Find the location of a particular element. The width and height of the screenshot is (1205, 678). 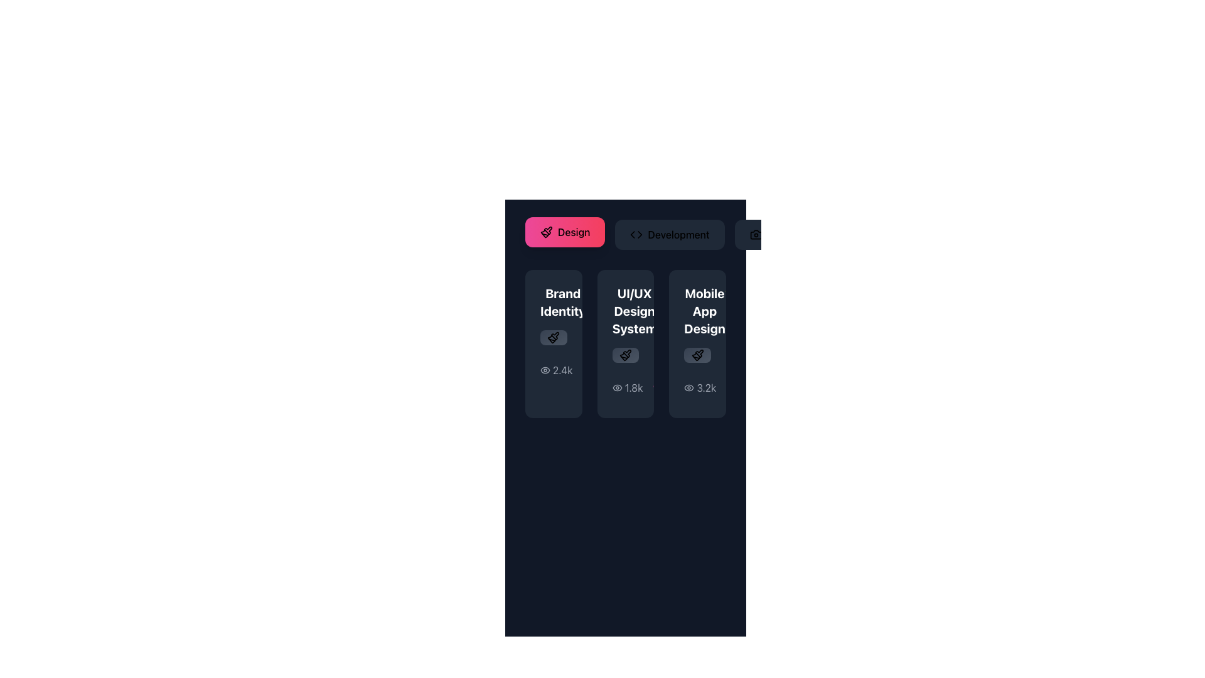

the paintbrush icon located at the center of the 'Brand Identity' card in the 'Design' section is located at coordinates (553, 336).